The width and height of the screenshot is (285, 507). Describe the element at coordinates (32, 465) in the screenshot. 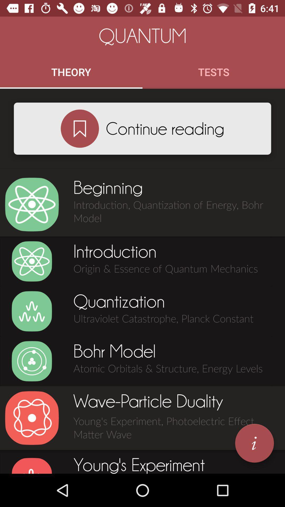

I see `the option young 's experiment` at that location.